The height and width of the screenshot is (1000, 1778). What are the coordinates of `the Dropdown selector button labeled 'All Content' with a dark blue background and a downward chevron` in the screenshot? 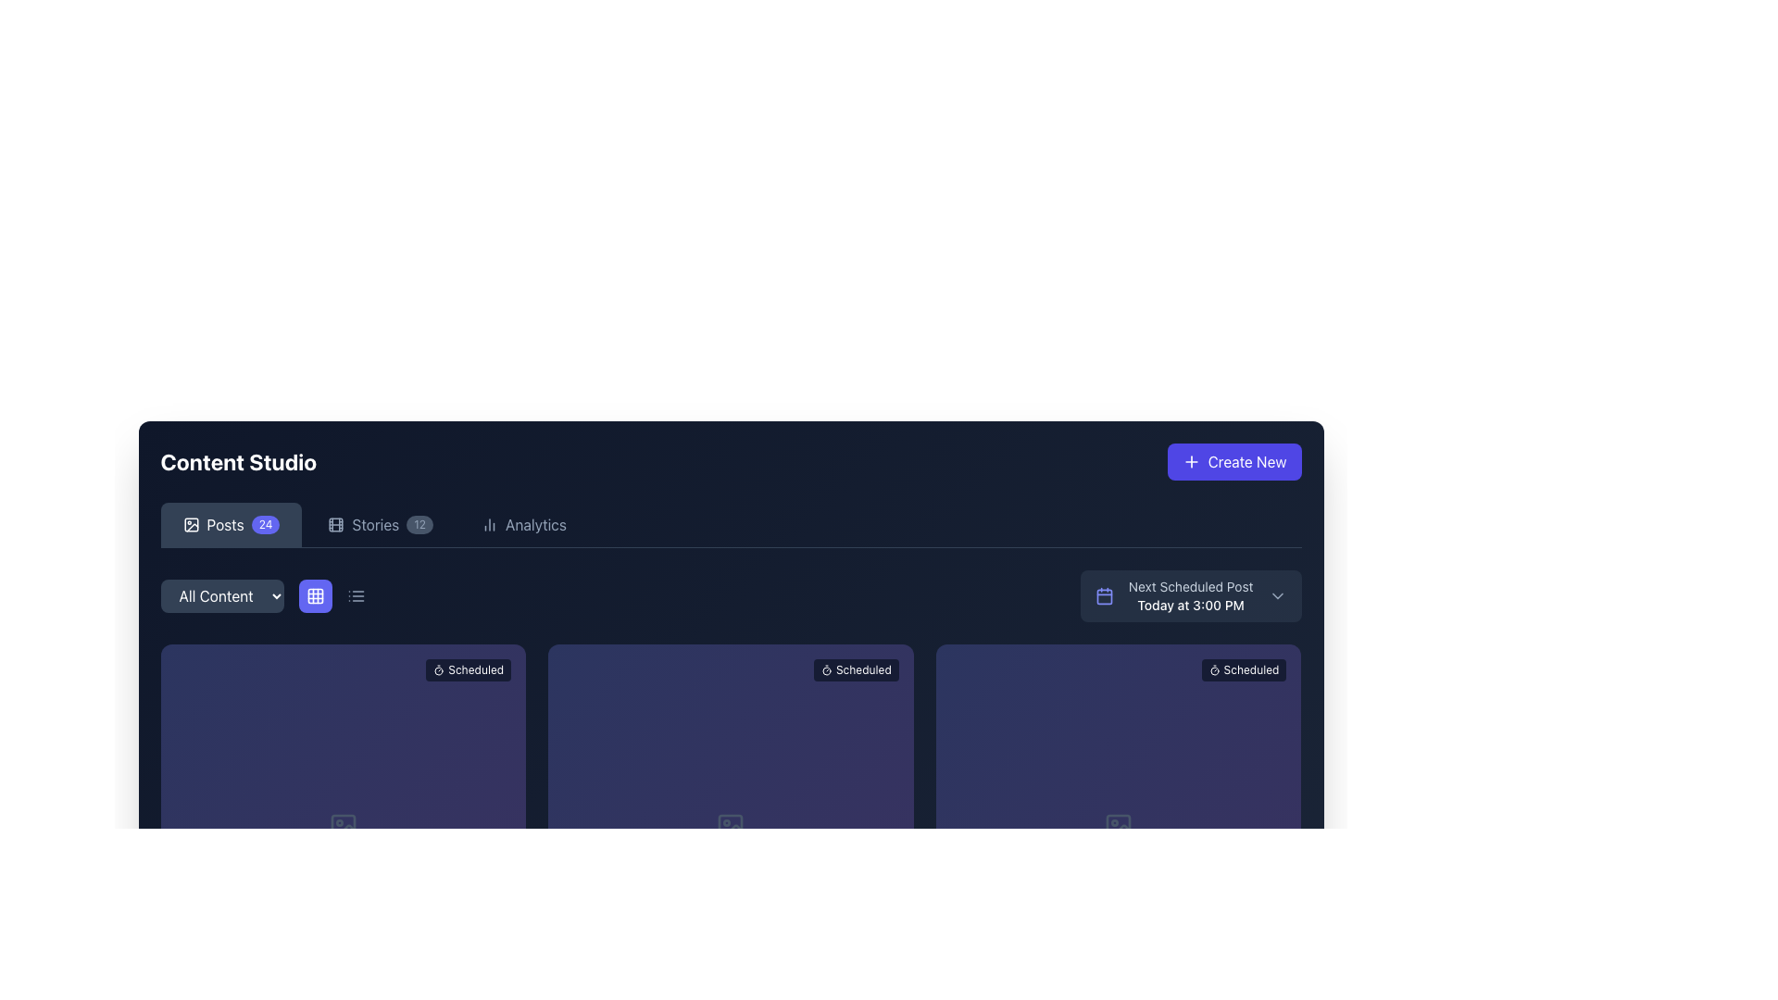 It's located at (222, 596).